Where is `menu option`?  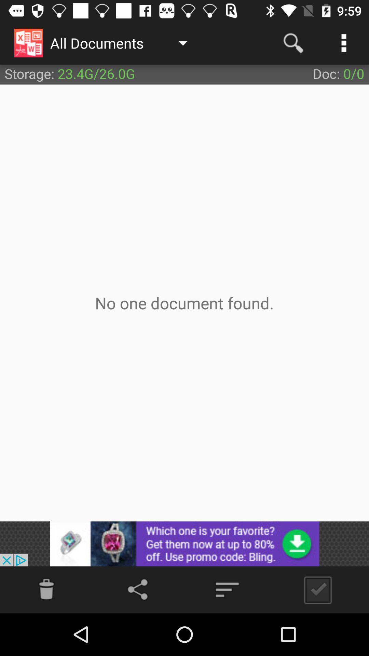 menu option is located at coordinates (227, 589).